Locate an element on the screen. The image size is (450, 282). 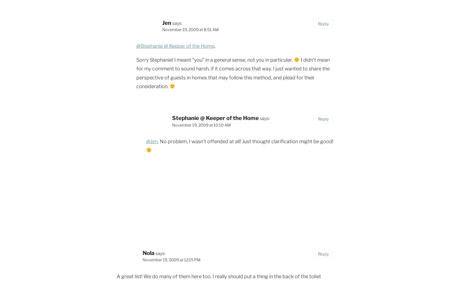
'Jen' is located at coordinates (166, 23).